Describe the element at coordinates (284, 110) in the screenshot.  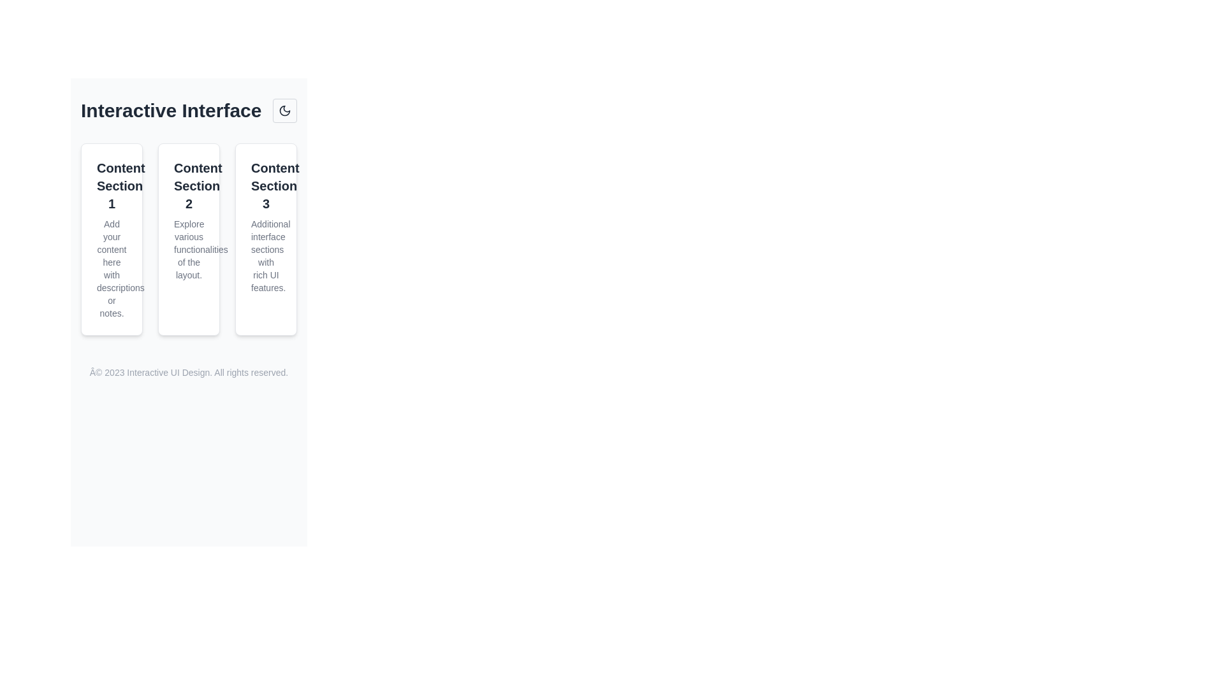
I see `the toggle button located at the top-right corner of the 'Interactive Interface' header to switch between light and dark mode themes` at that location.